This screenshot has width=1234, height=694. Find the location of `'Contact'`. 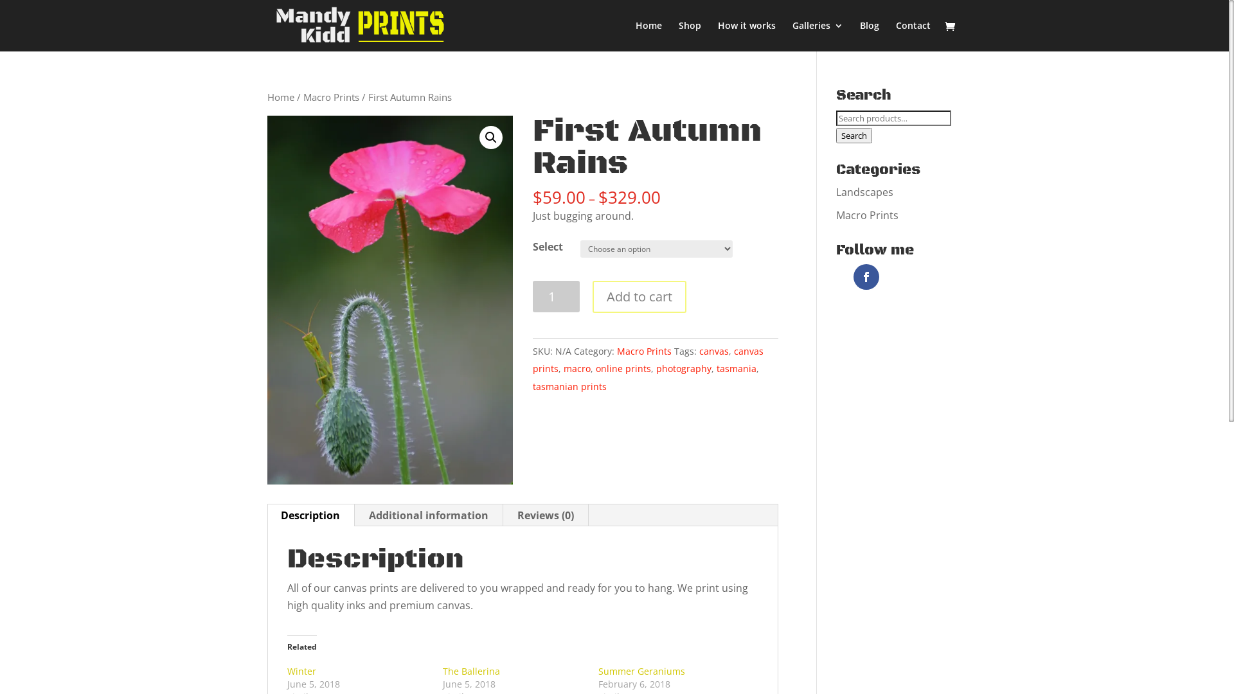

'Contact' is located at coordinates (912, 35).